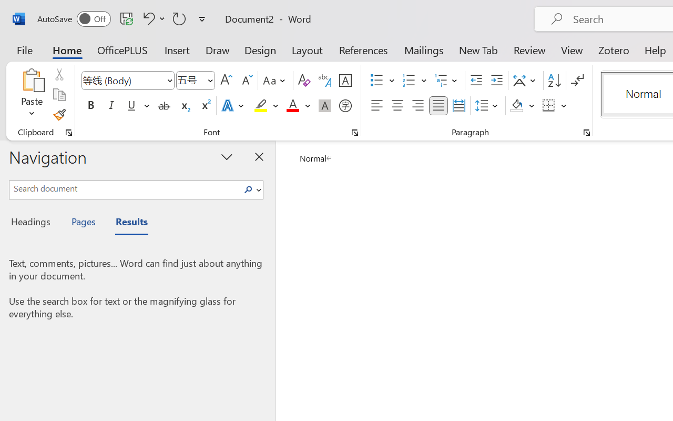 This screenshot has width=673, height=421. I want to click on 'Search', so click(251, 189).